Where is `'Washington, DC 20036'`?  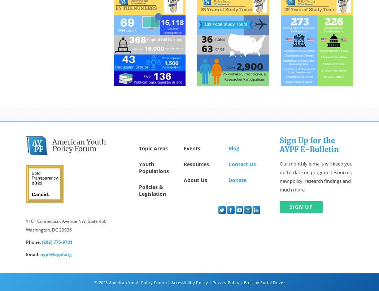 'Washington, DC 20036' is located at coordinates (48, 229).